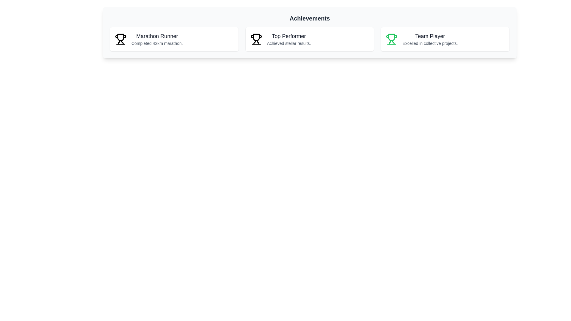  I want to click on the text block displaying the achievement title and subtitle that highlights teamwork proficiency, located to the right of the 'Top Performer' card in the 'Achievements' section, so click(430, 39).